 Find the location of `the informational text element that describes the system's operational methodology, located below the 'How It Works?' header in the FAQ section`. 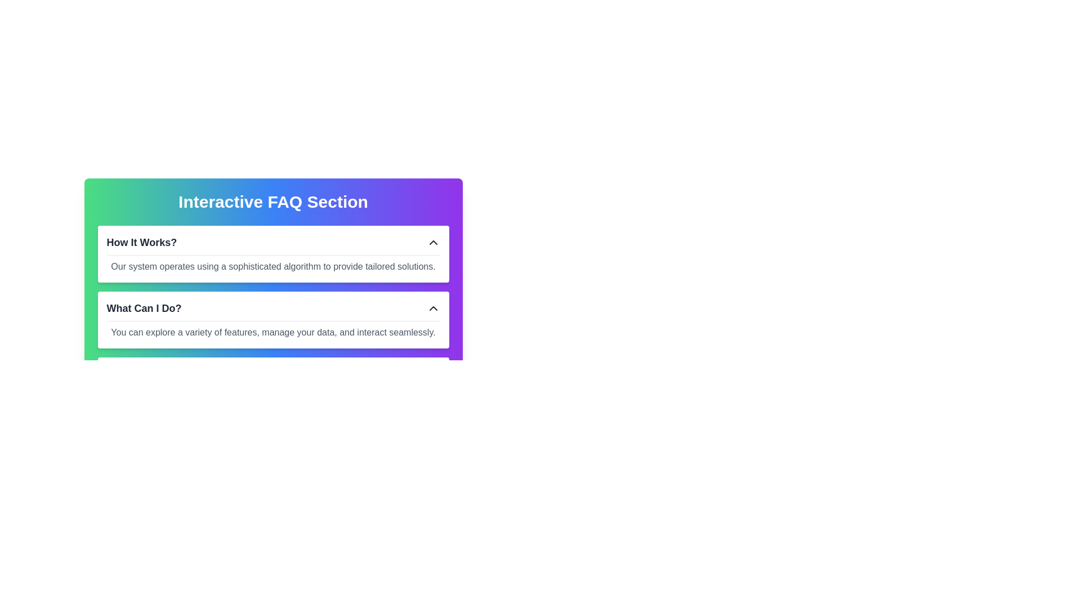

the informational text element that describes the system's operational methodology, located below the 'How It Works?' header in the FAQ section is located at coordinates (273, 265).